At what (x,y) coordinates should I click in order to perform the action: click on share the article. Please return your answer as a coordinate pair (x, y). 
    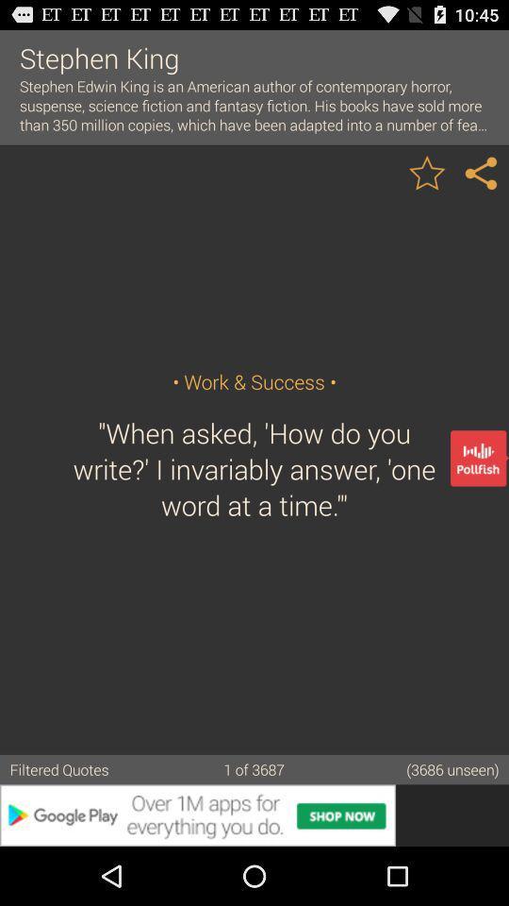
    Looking at the image, I should click on (482, 172).